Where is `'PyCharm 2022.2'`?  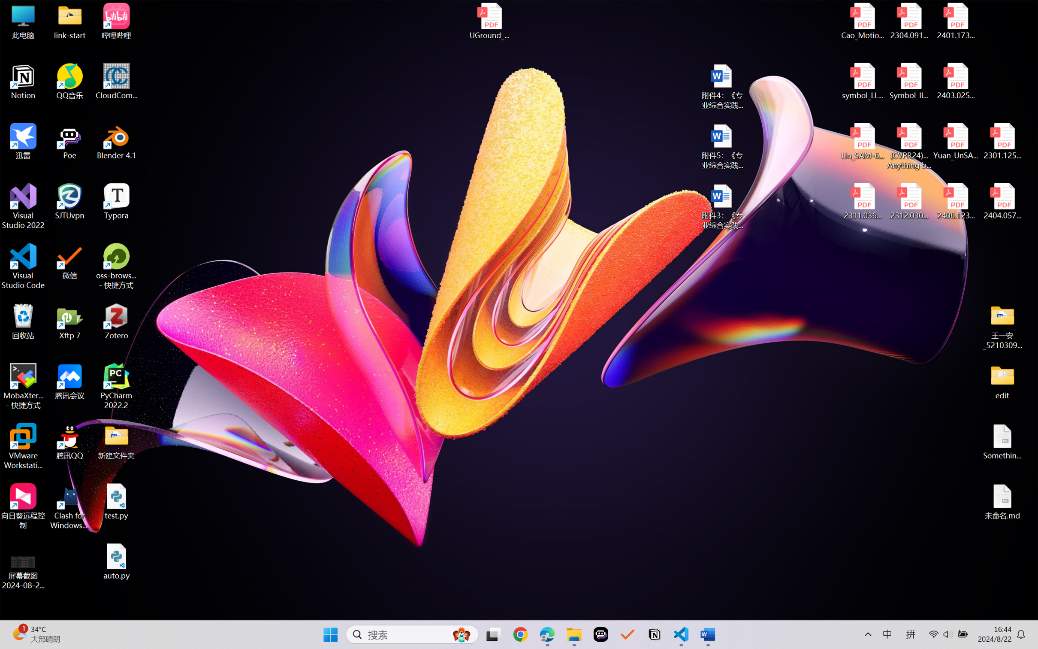 'PyCharm 2022.2' is located at coordinates (116, 386).